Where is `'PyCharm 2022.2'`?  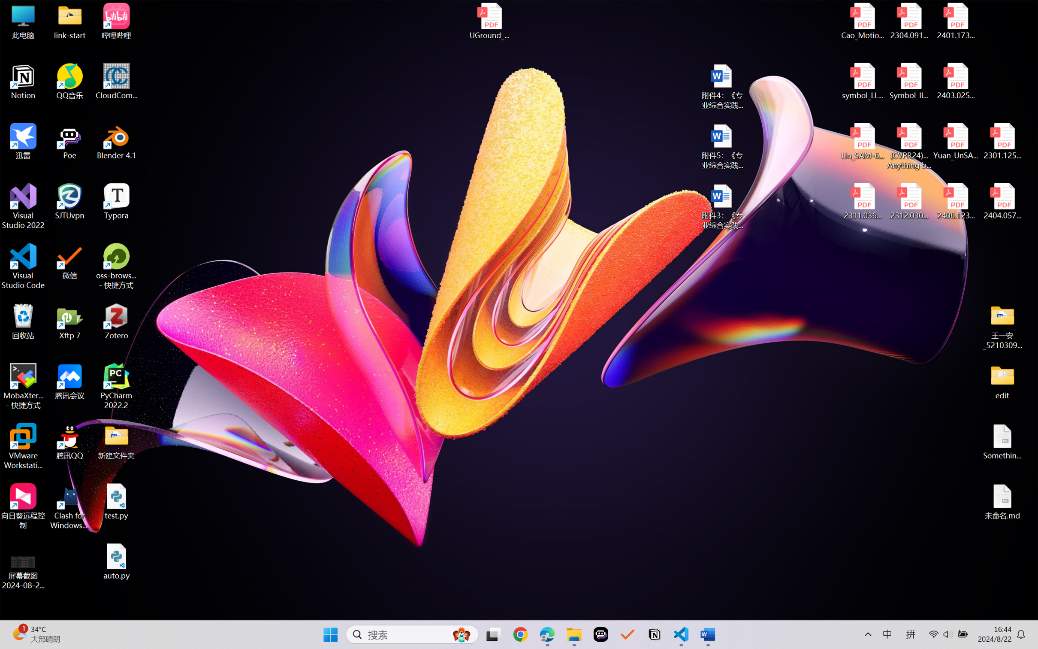 'PyCharm 2022.2' is located at coordinates (116, 386).